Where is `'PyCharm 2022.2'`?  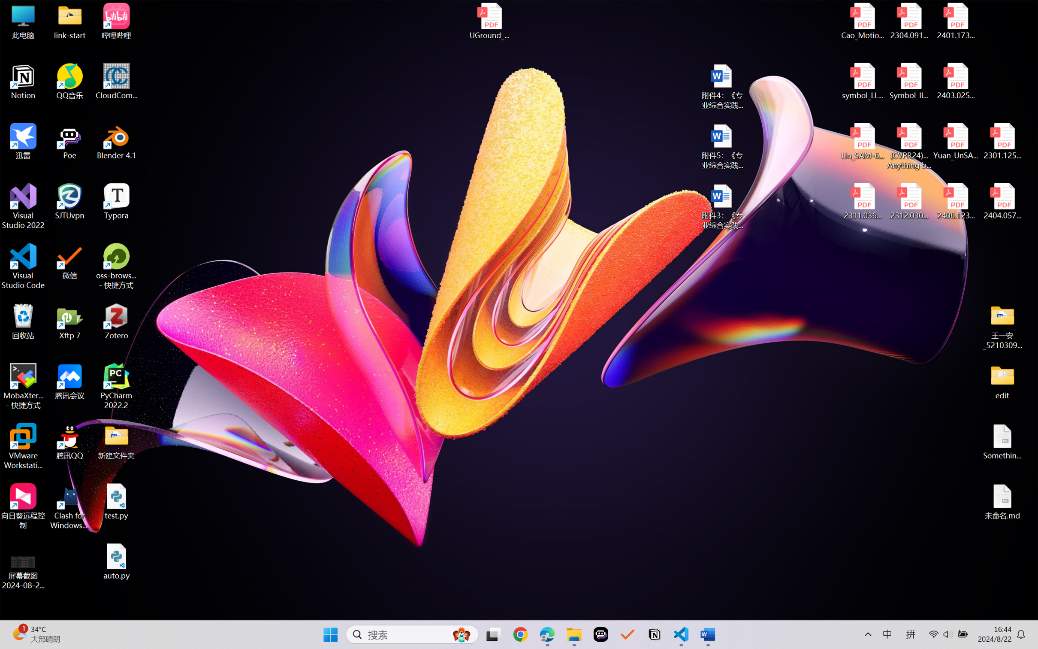 'PyCharm 2022.2' is located at coordinates (116, 386).